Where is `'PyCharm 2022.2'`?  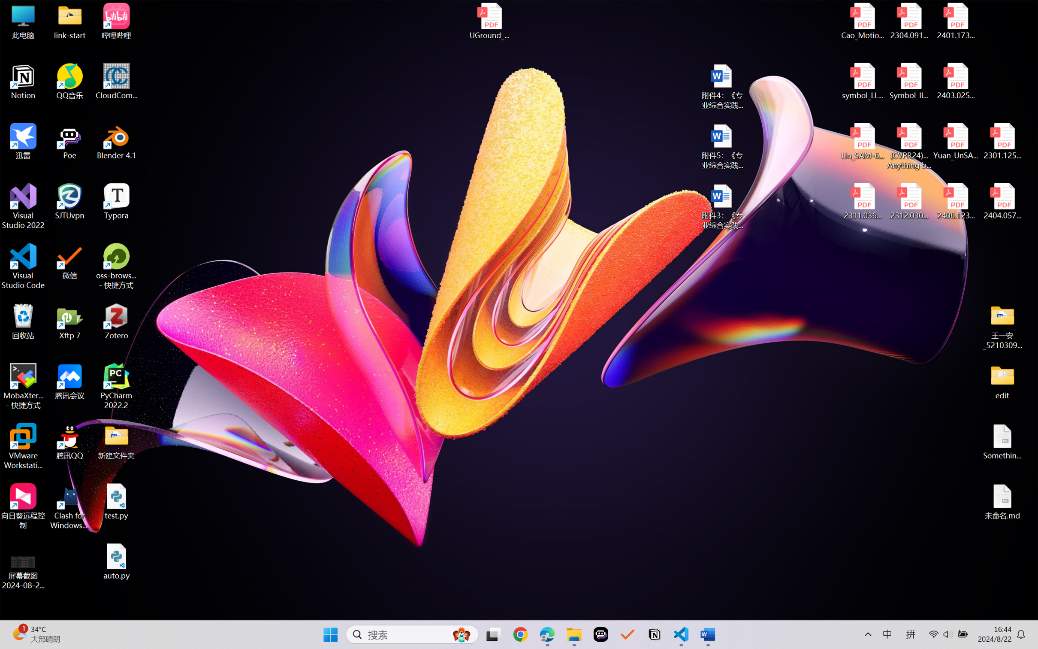 'PyCharm 2022.2' is located at coordinates (116, 386).